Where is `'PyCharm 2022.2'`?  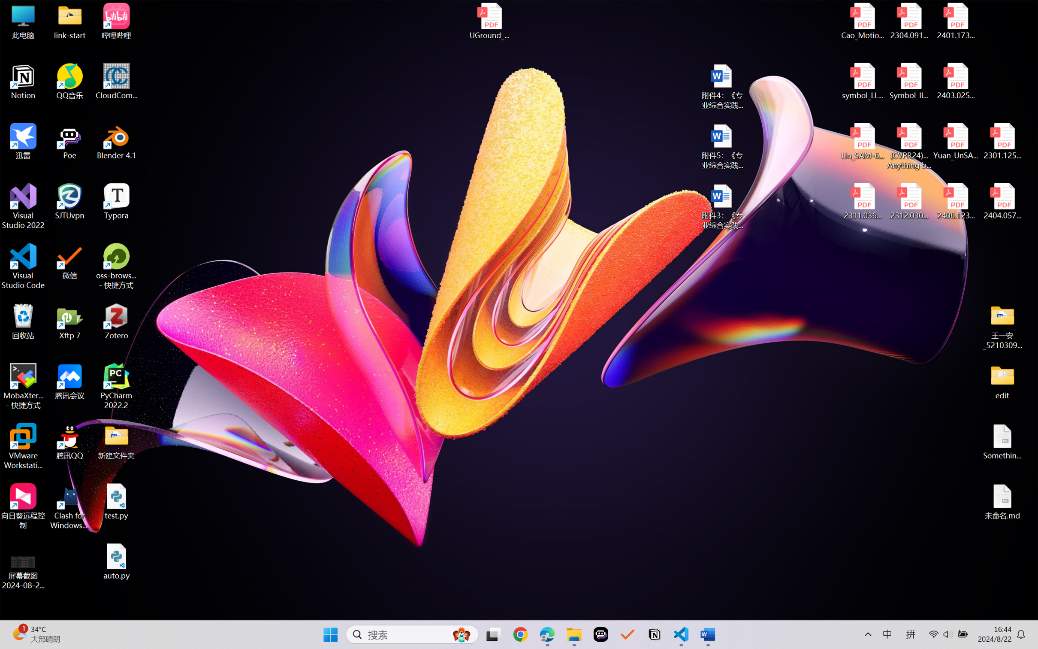 'PyCharm 2022.2' is located at coordinates (116, 386).